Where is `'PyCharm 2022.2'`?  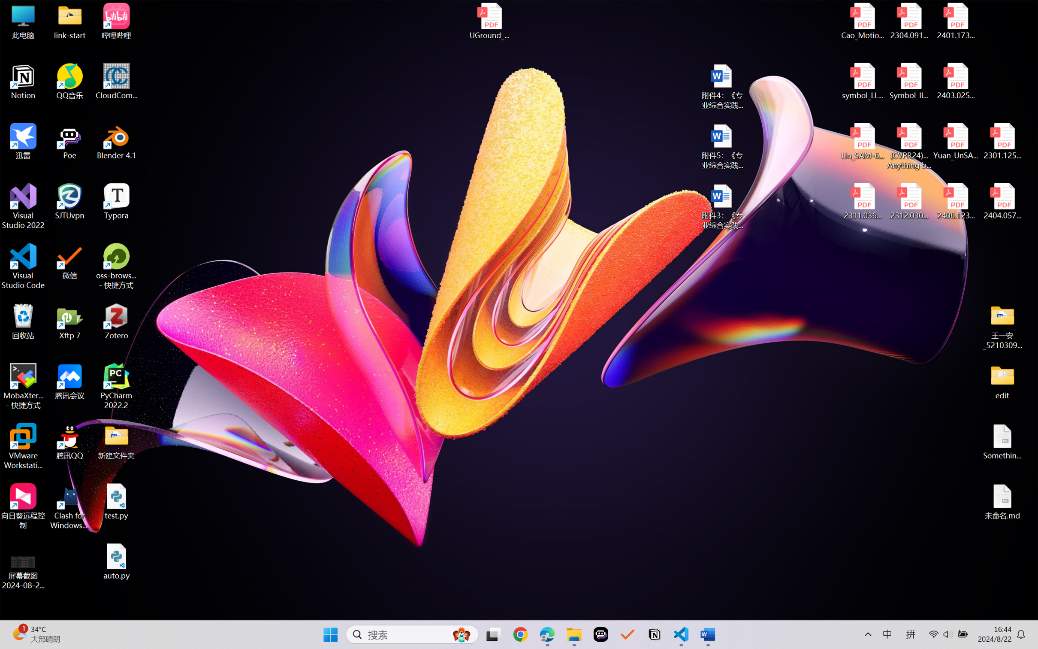 'PyCharm 2022.2' is located at coordinates (116, 386).